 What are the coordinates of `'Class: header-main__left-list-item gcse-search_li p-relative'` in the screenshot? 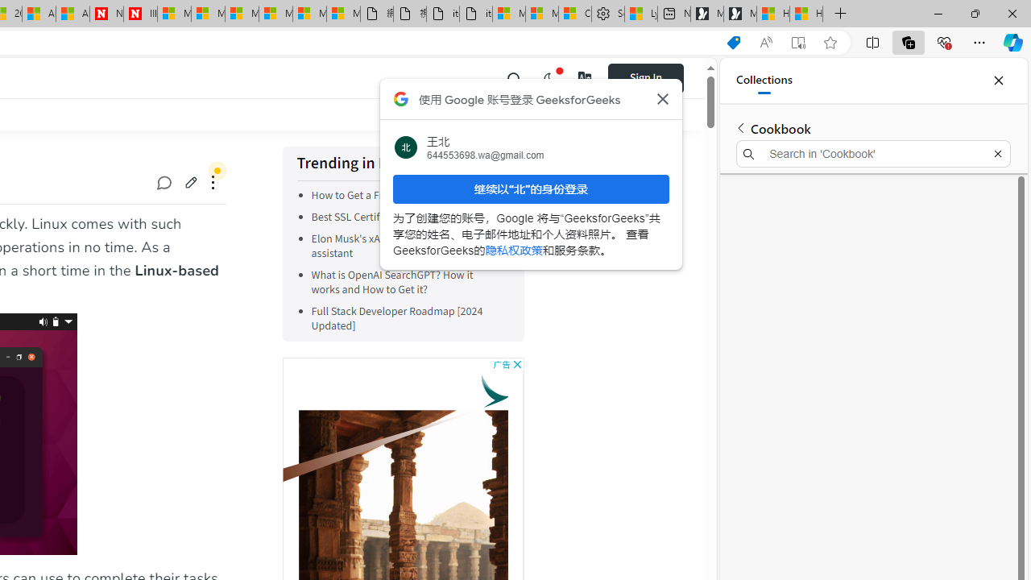 It's located at (513, 77).